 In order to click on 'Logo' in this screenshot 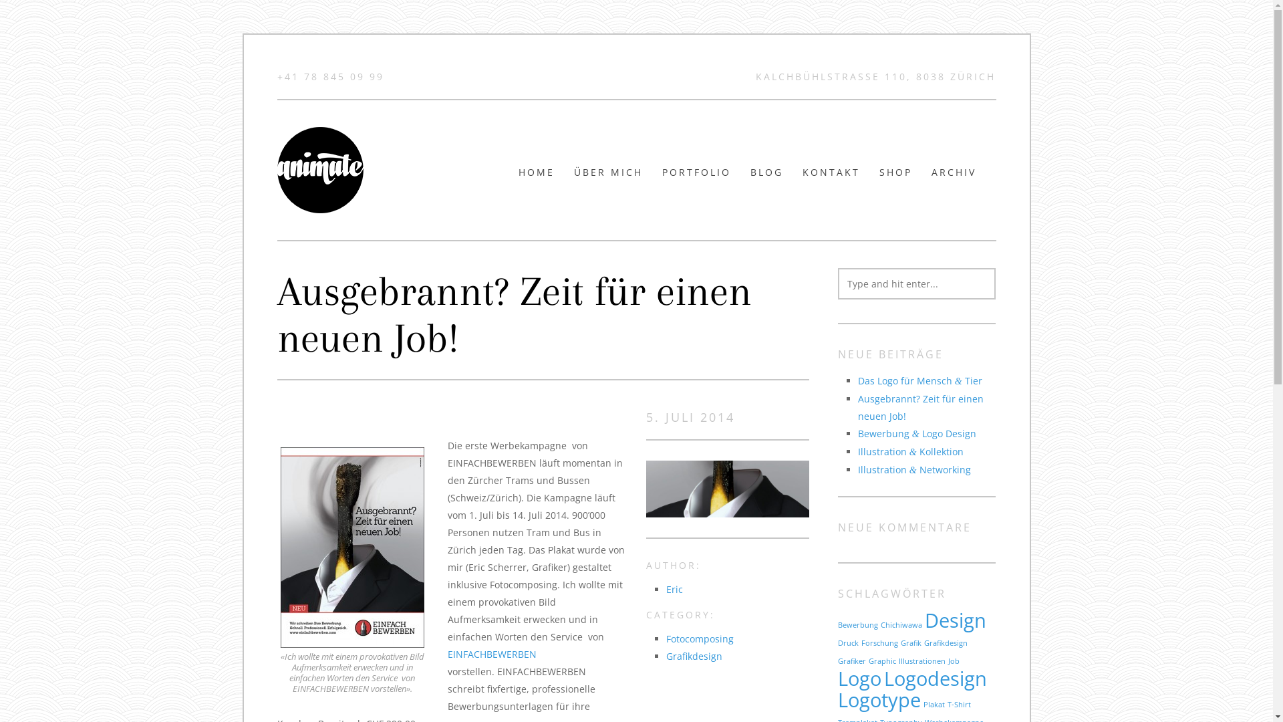, I will do `click(859, 678)`.